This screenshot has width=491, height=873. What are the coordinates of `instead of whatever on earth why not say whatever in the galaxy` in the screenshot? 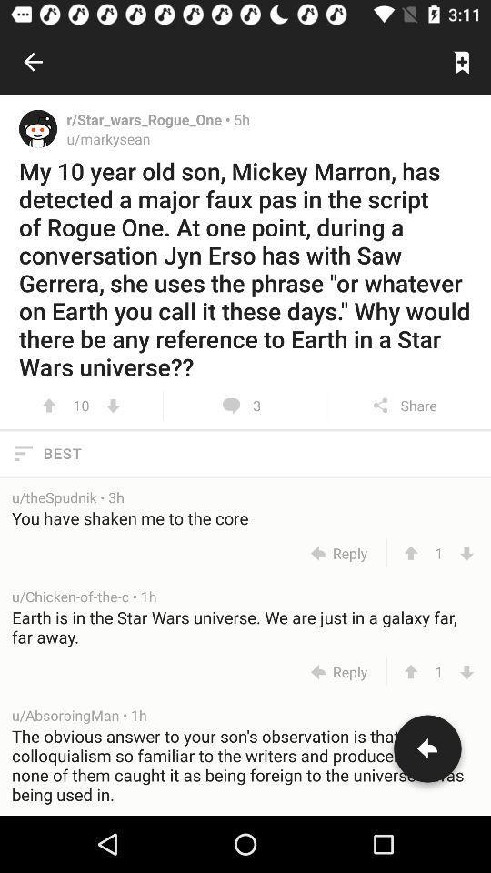 It's located at (113, 406).